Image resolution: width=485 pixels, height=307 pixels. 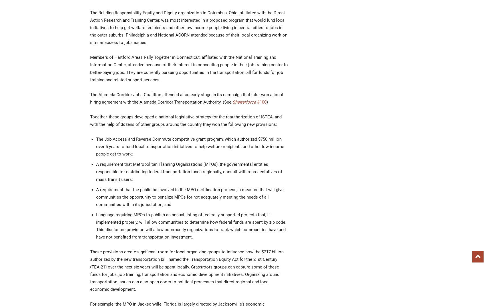 What do you see at coordinates (189, 172) in the screenshot?
I see `'A requirement that Metropolitan Planning Organizations (MPOs), the governmental entities responsible for distributing federal transportation funds regionally, consult with representatives of mass transit users;'` at bounding box center [189, 172].